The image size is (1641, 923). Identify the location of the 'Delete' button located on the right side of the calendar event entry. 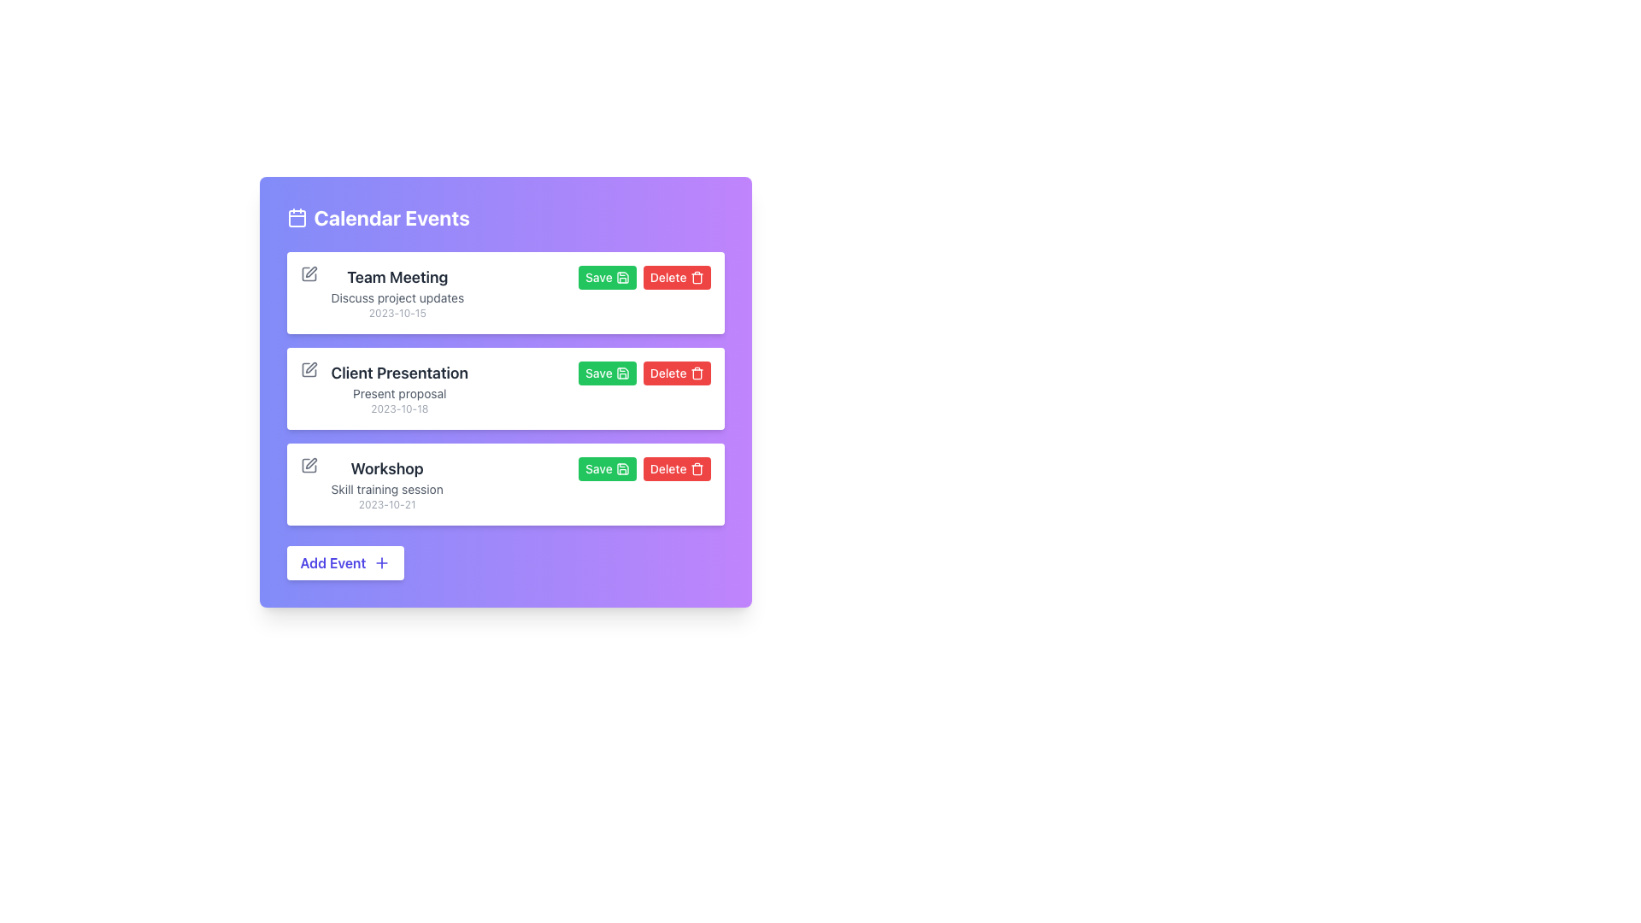
(676, 276).